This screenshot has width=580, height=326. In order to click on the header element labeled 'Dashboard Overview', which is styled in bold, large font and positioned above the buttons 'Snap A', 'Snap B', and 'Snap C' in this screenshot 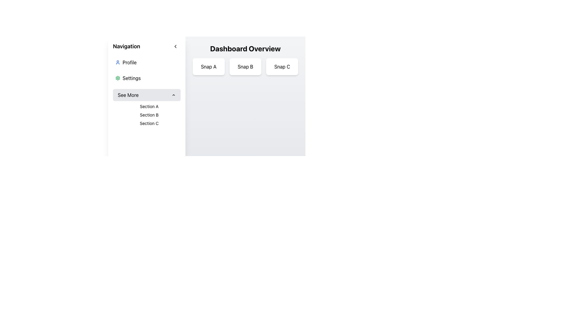, I will do `click(245, 48)`.